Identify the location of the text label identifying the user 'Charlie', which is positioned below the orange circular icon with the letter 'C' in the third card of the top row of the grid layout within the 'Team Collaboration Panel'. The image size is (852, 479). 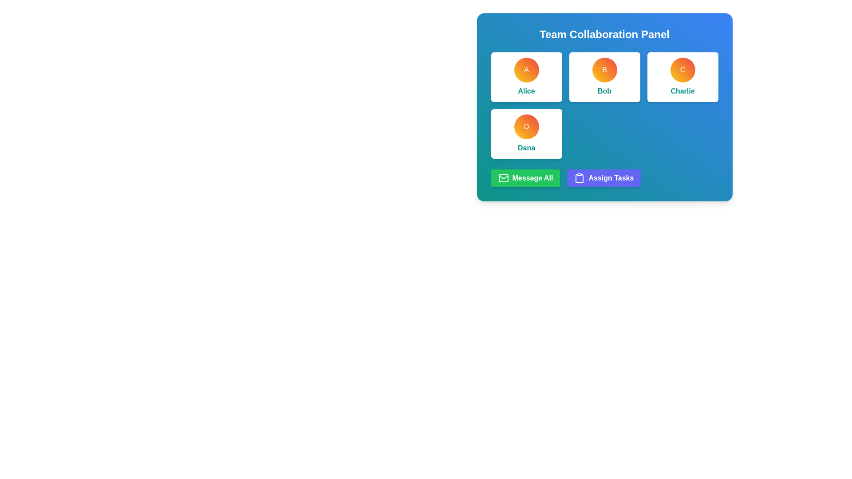
(682, 91).